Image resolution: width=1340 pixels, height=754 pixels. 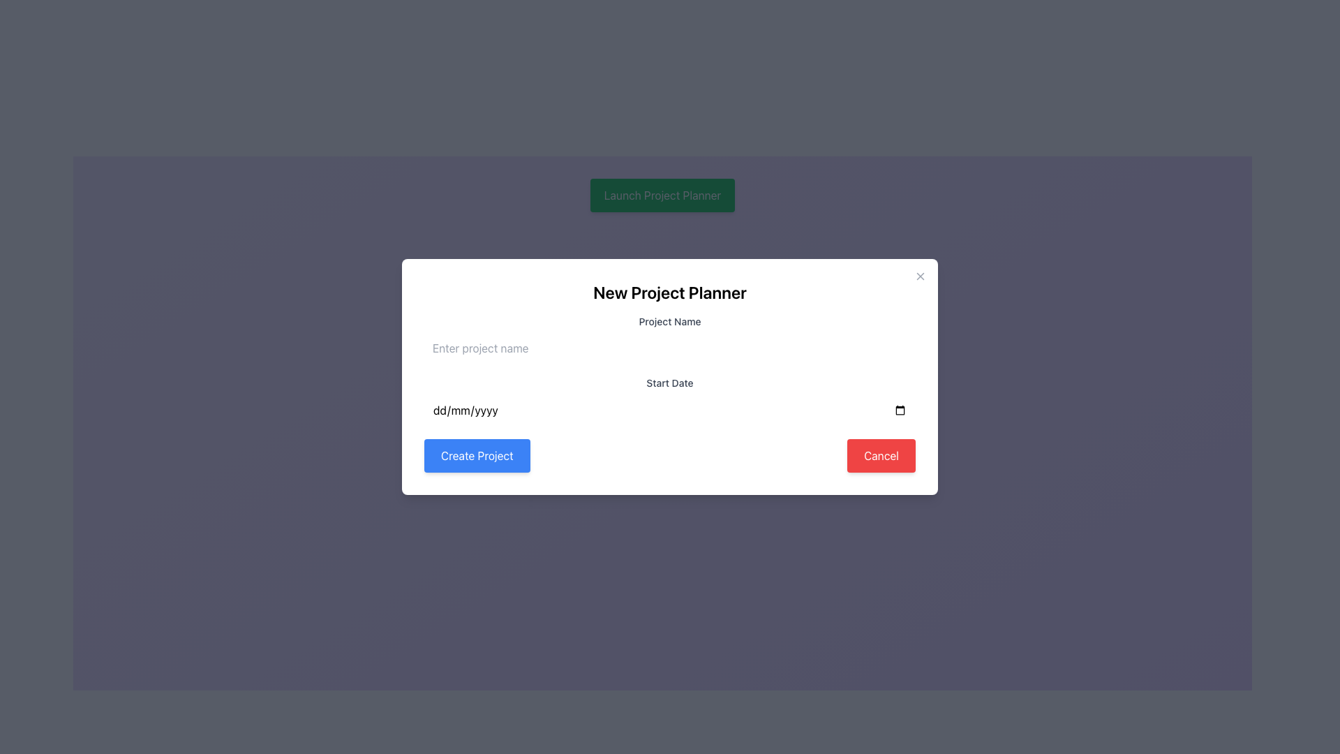 I want to click on text from the Text Label that indicates users should enter the name of the project in the input field below it, located at the top section of the form within the modal dialog box, above the input field labeled 'Enter project name', so click(x=670, y=322).